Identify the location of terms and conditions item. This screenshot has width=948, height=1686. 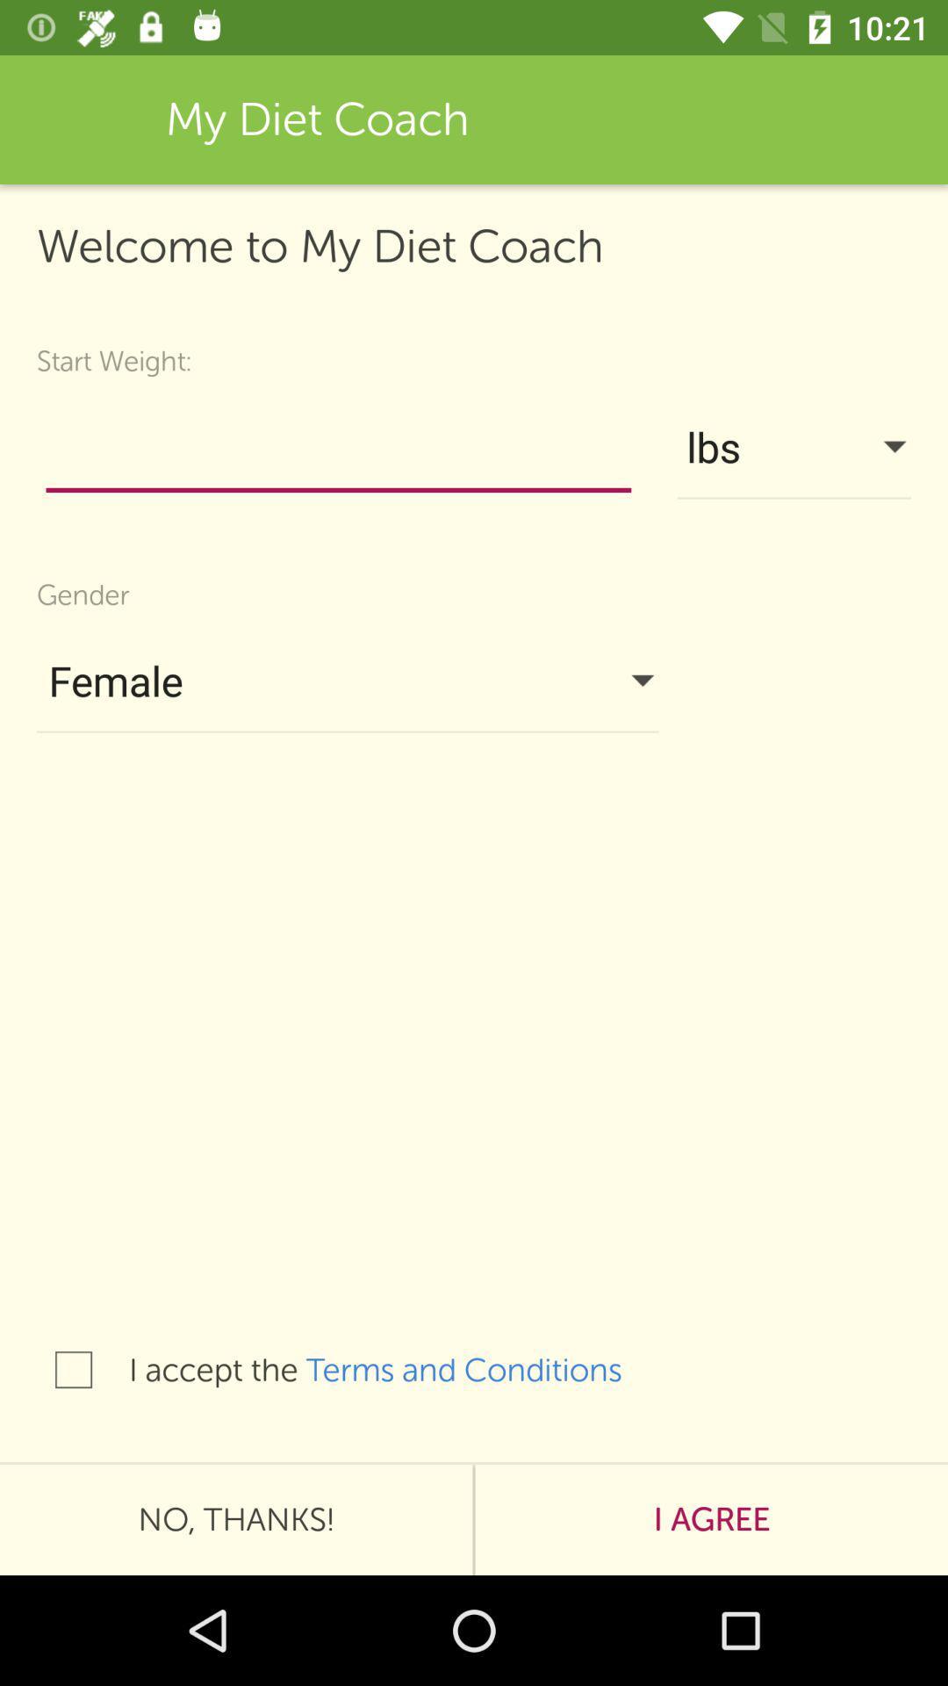
(482, 1369).